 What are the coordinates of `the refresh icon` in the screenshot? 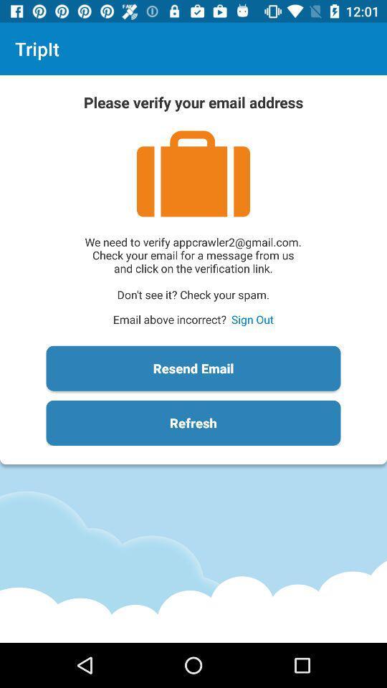 It's located at (193, 423).